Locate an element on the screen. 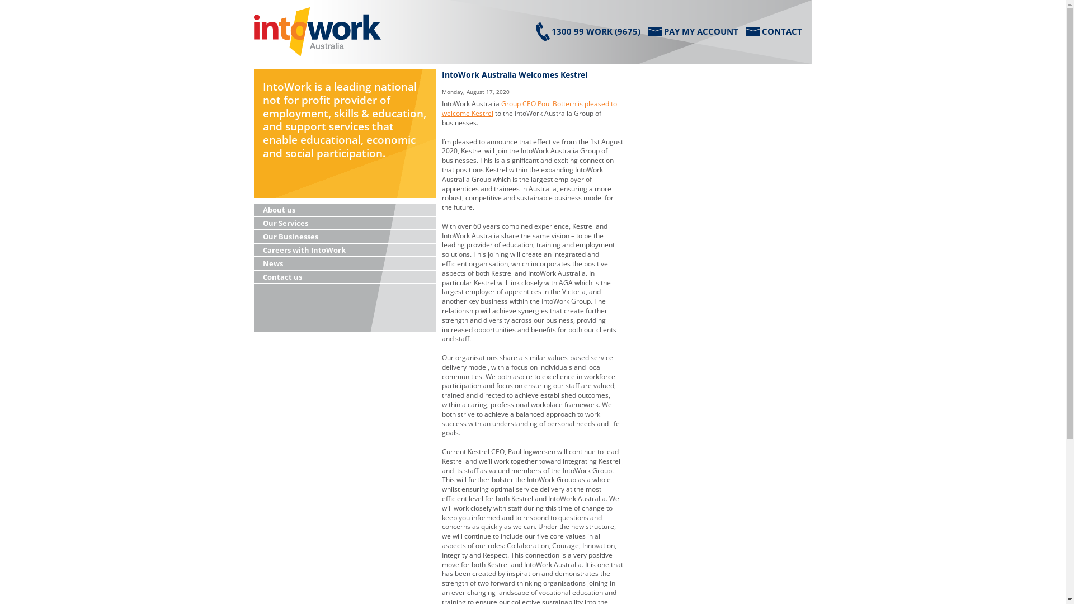  '1300 99 WORK (9675)' is located at coordinates (535, 31).